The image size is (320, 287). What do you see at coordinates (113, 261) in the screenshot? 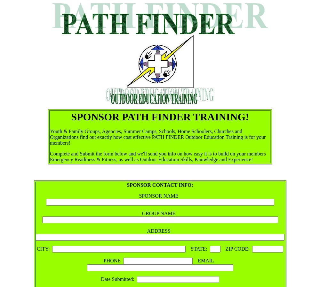
I see `'PHONE'` at bounding box center [113, 261].